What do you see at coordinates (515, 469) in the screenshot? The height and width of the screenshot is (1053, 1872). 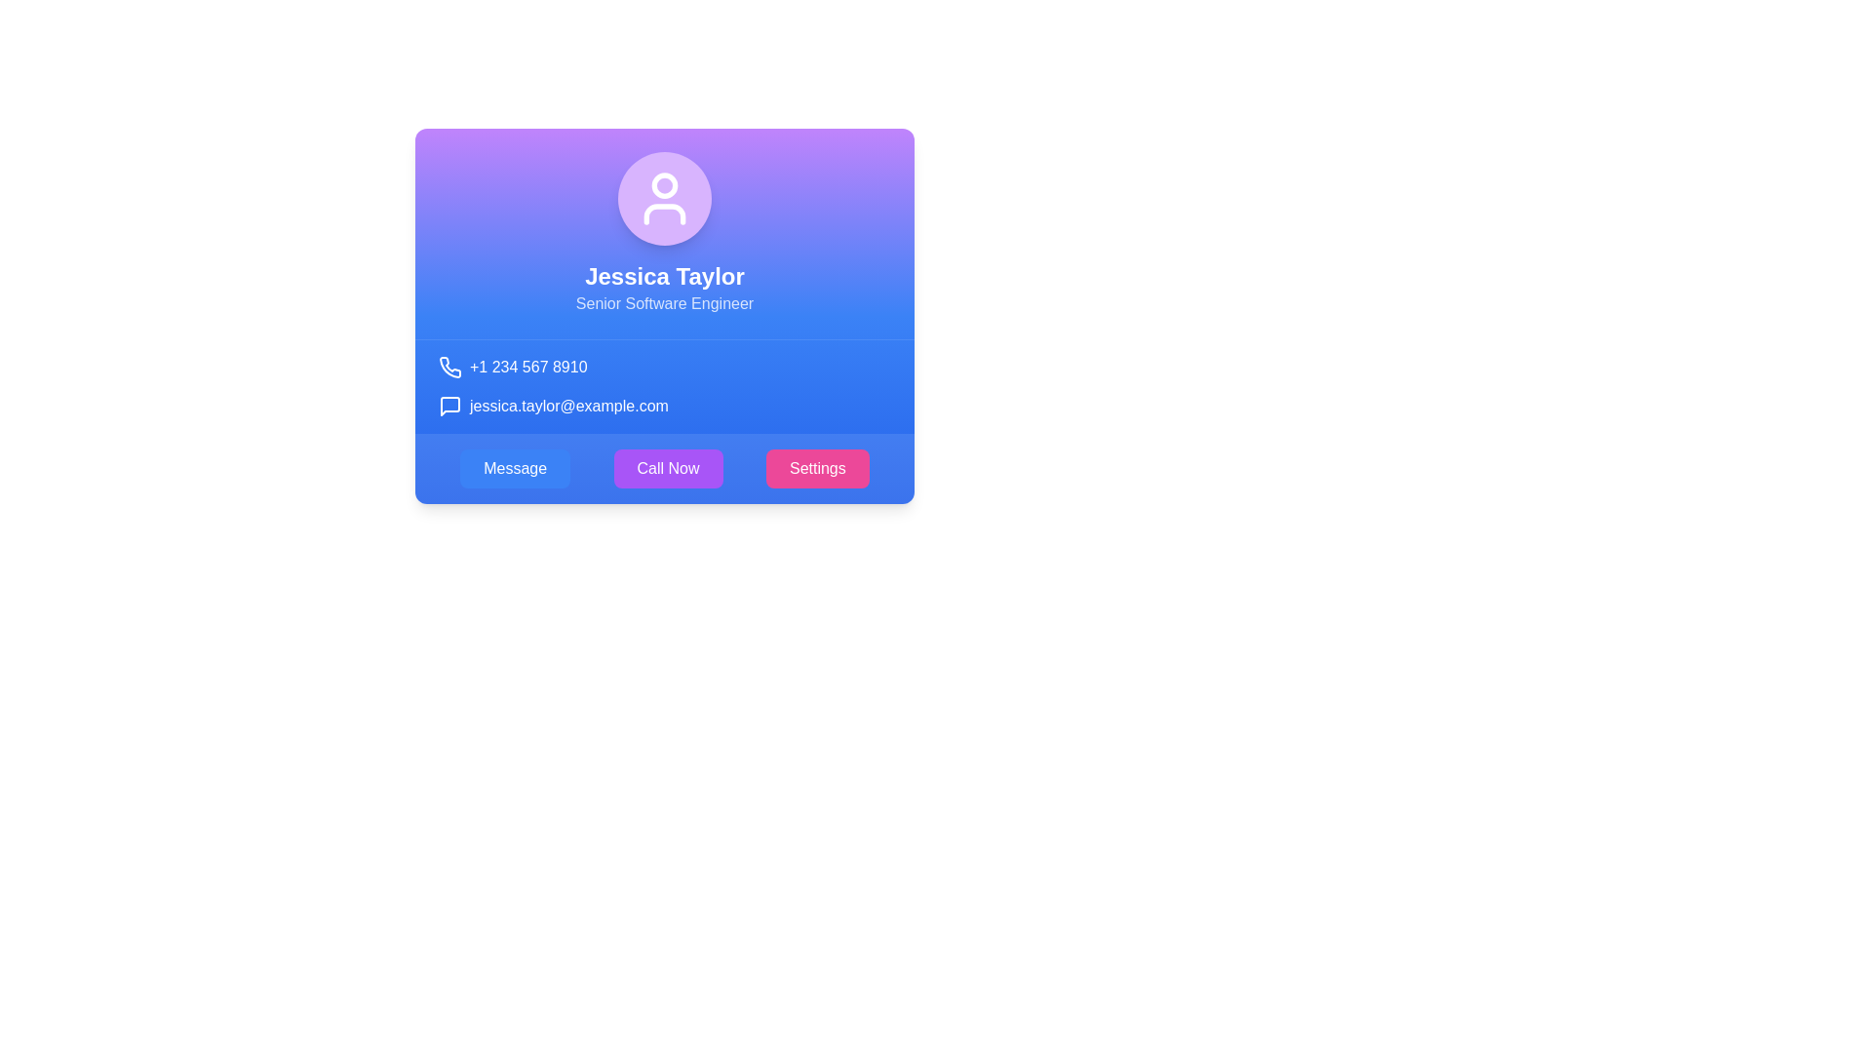 I see `the leftmost button in the row of three buttons at the bottom of the card interface to initiate a messaging interaction` at bounding box center [515, 469].